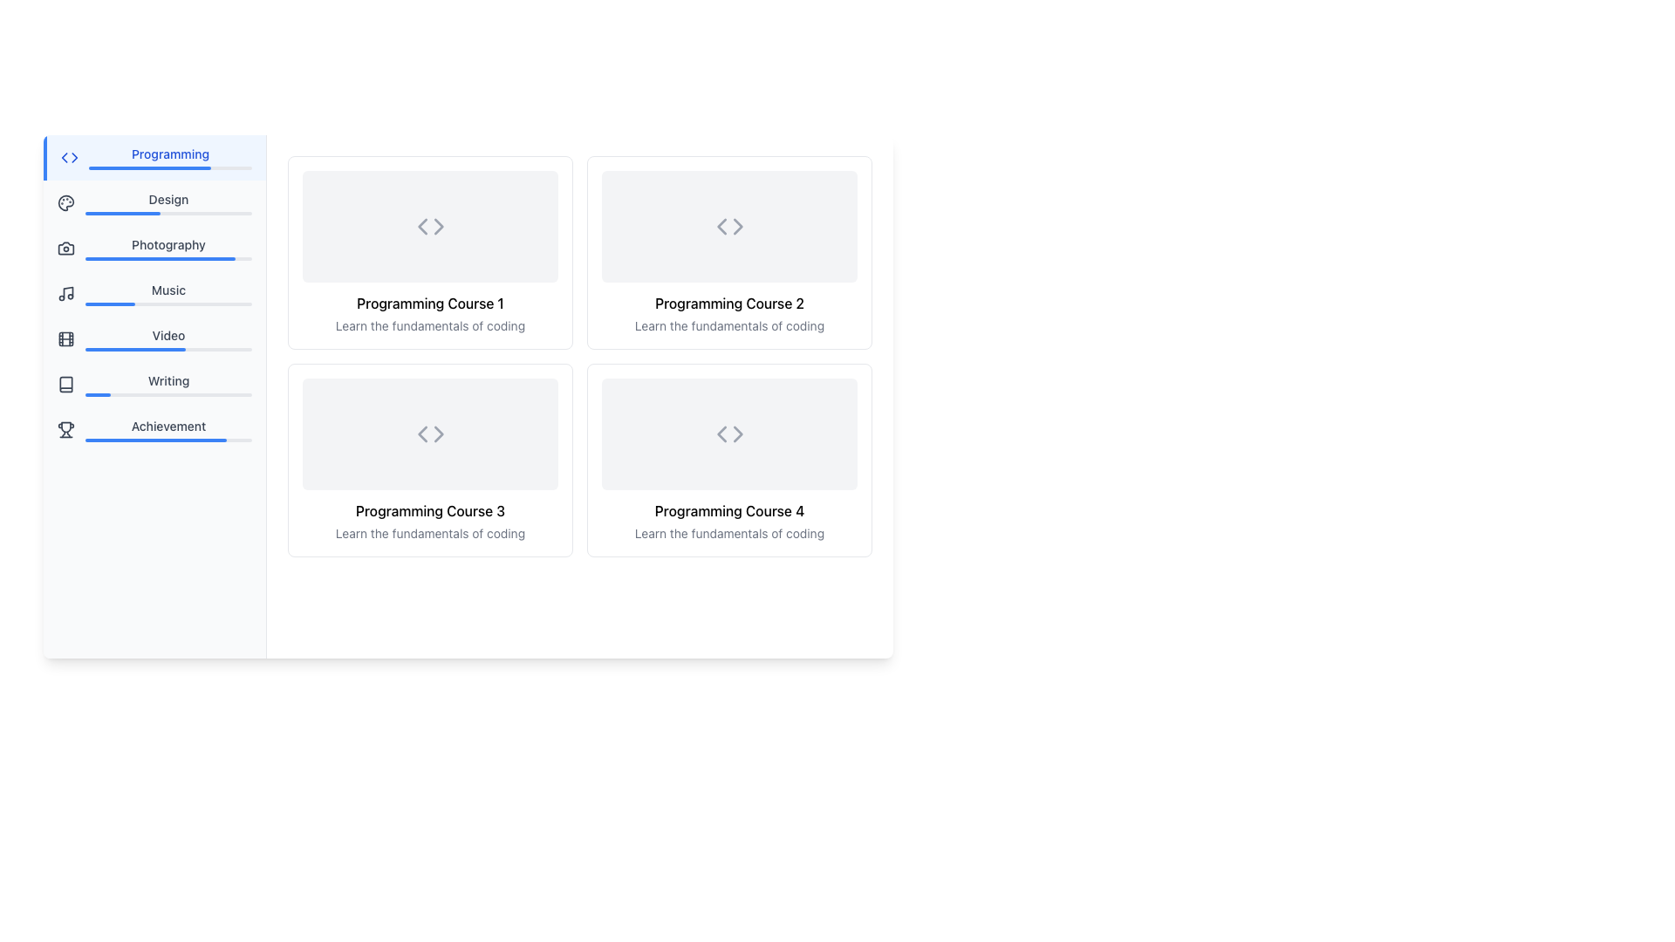  Describe the element at coordinates (729, 225) in the screenshot. I see `the rectangular placeholder with a light grey background and rounded corners that contains 'less than' and 'greater than' symbols, located within the 'Programming Course 2' card` at that location.